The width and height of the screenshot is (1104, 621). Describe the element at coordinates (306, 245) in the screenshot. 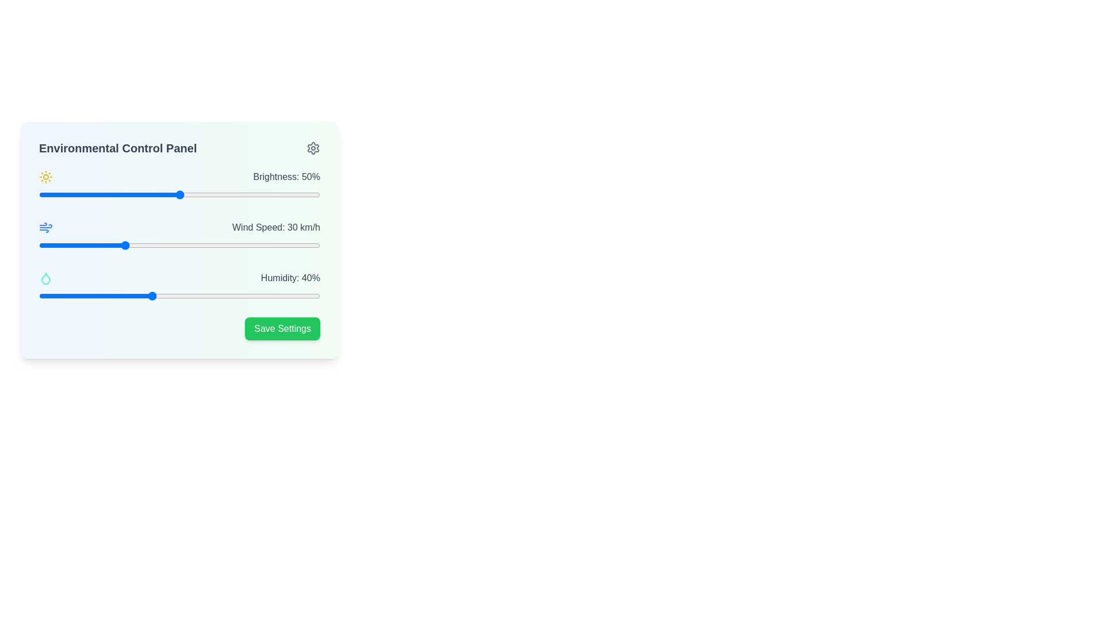

I see `the wind speed` at that location.